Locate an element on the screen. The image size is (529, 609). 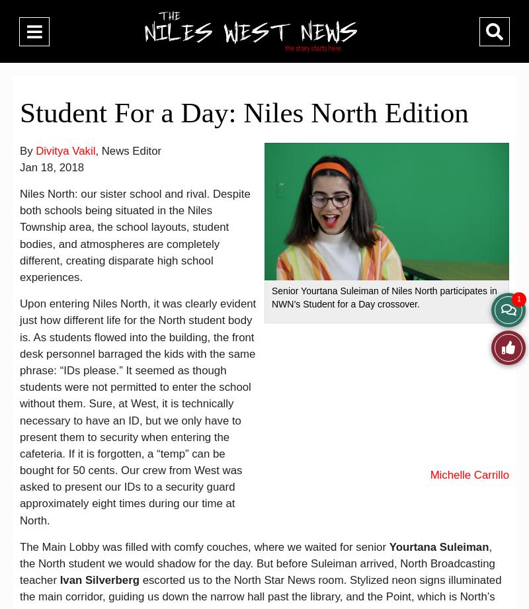
'Jan 18, 2018' is located at coordinates (20, 166).